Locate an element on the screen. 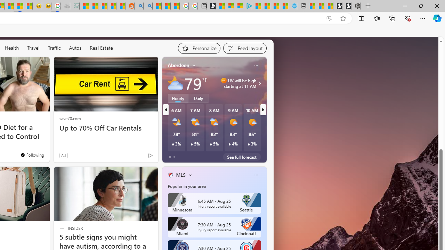 This screenshot has width=445, height=250. 'Feed settings' is located at coordinates (245, 48).